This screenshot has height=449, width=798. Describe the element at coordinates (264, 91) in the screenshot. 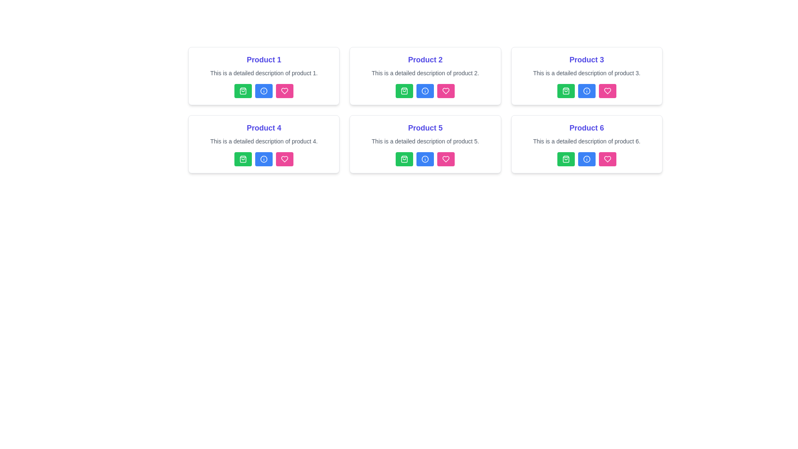

I see `the circular icon with a blue outline and white inner area` at that location.